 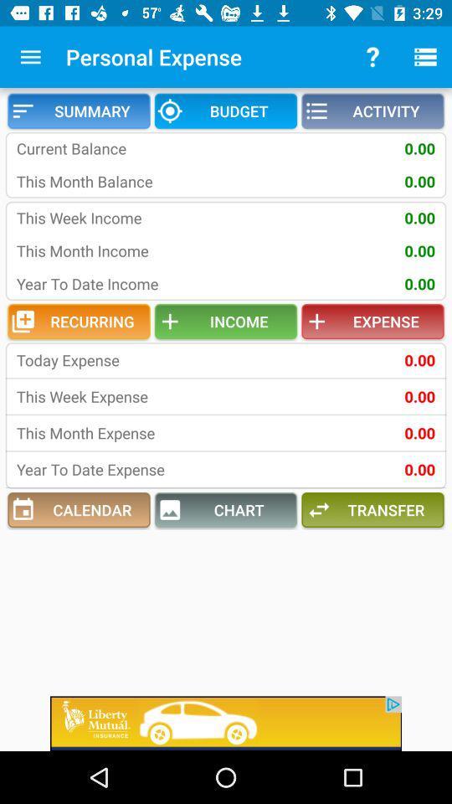 What do you see at coordinates (125, 360) in the screenshot?
I see `the today expense icon` at bounding box center [125, 360].